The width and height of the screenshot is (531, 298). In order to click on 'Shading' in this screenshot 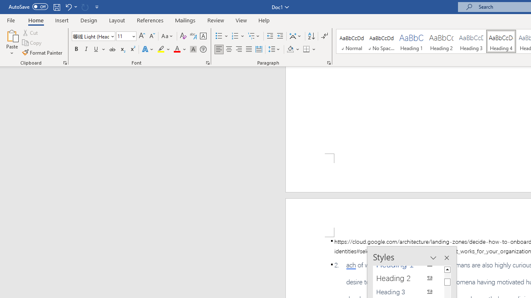, I will do `click(293, 49)`.